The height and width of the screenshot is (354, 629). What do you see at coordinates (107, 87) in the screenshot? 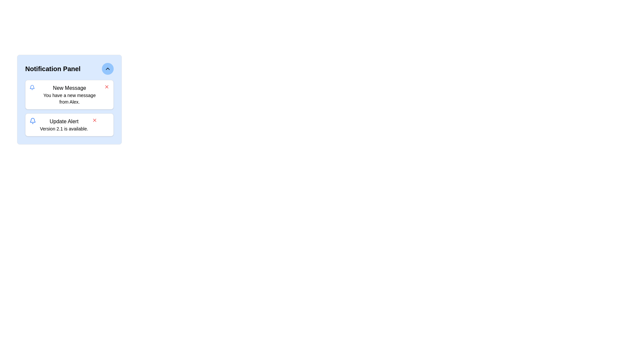
I see `the dismiss button located at the top right corner of the 'New Message' notification card` at bounding box center [107, 87].